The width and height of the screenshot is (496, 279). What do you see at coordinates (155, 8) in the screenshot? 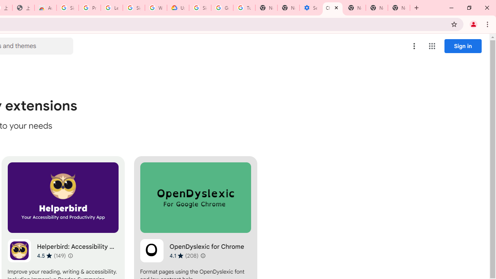
I see `'Who are Google'` at bounding box center [155, 8].